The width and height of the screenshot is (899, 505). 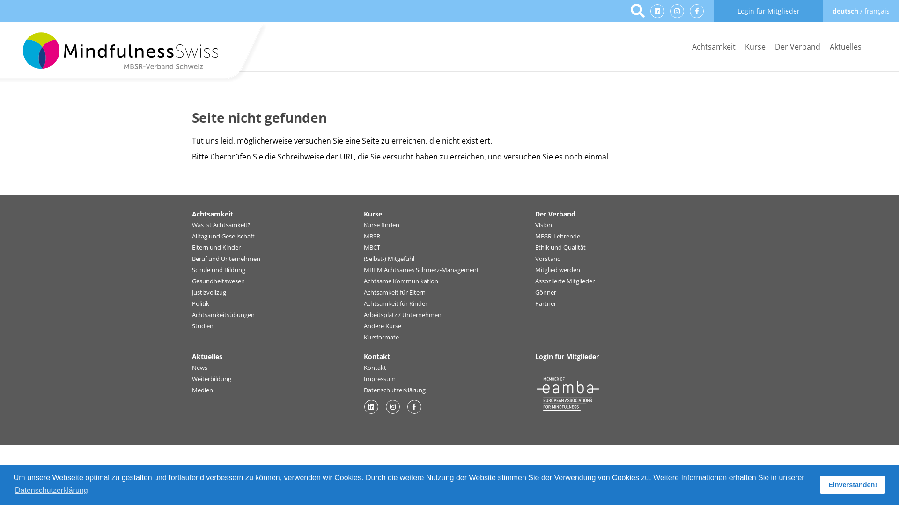 I want to click on 'News', so click(x=199, y=367).